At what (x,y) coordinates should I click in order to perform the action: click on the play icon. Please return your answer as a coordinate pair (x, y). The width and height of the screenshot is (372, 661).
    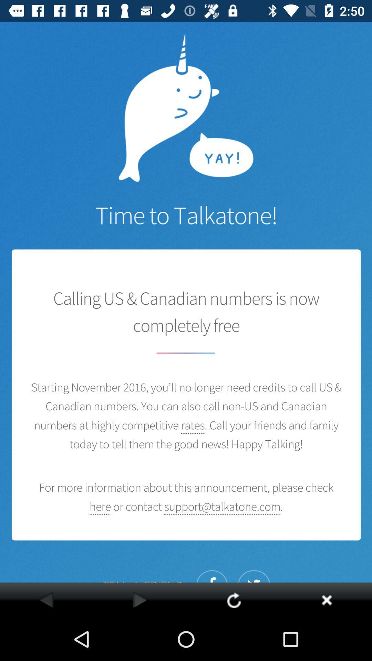
    Looking at the image, I should click on (139, 599).